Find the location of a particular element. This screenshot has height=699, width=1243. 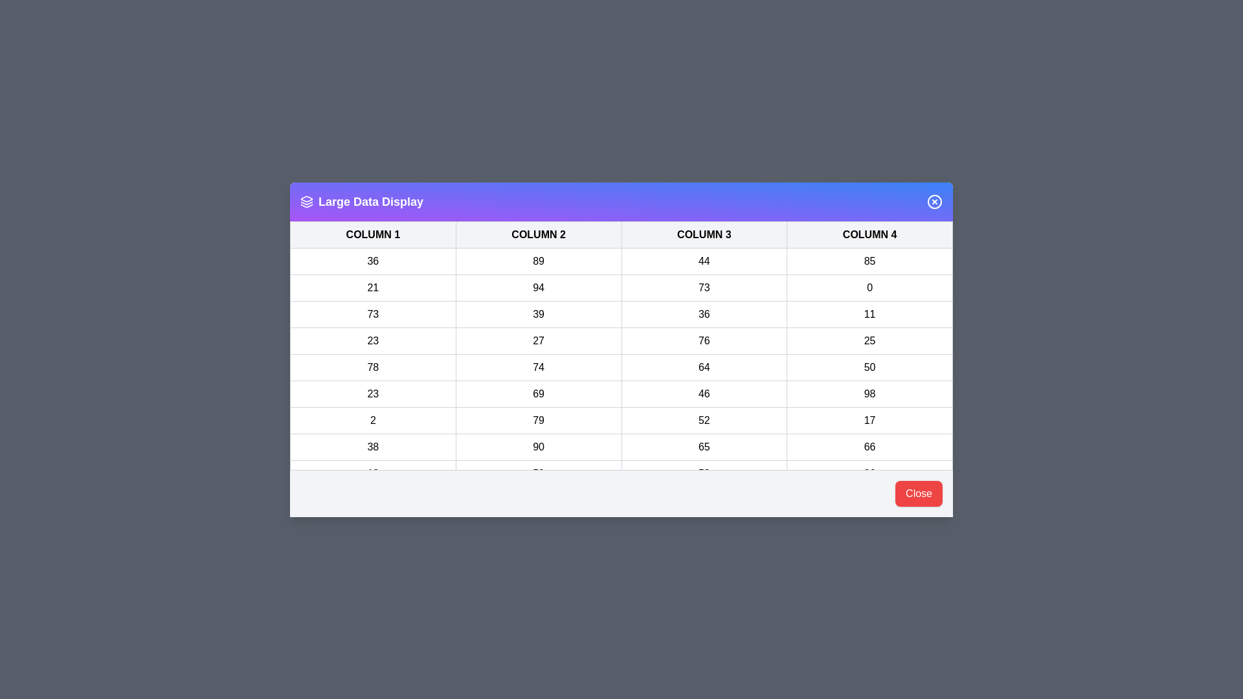

the close button in the footer of the dialog is located at coordinates (918, 493).